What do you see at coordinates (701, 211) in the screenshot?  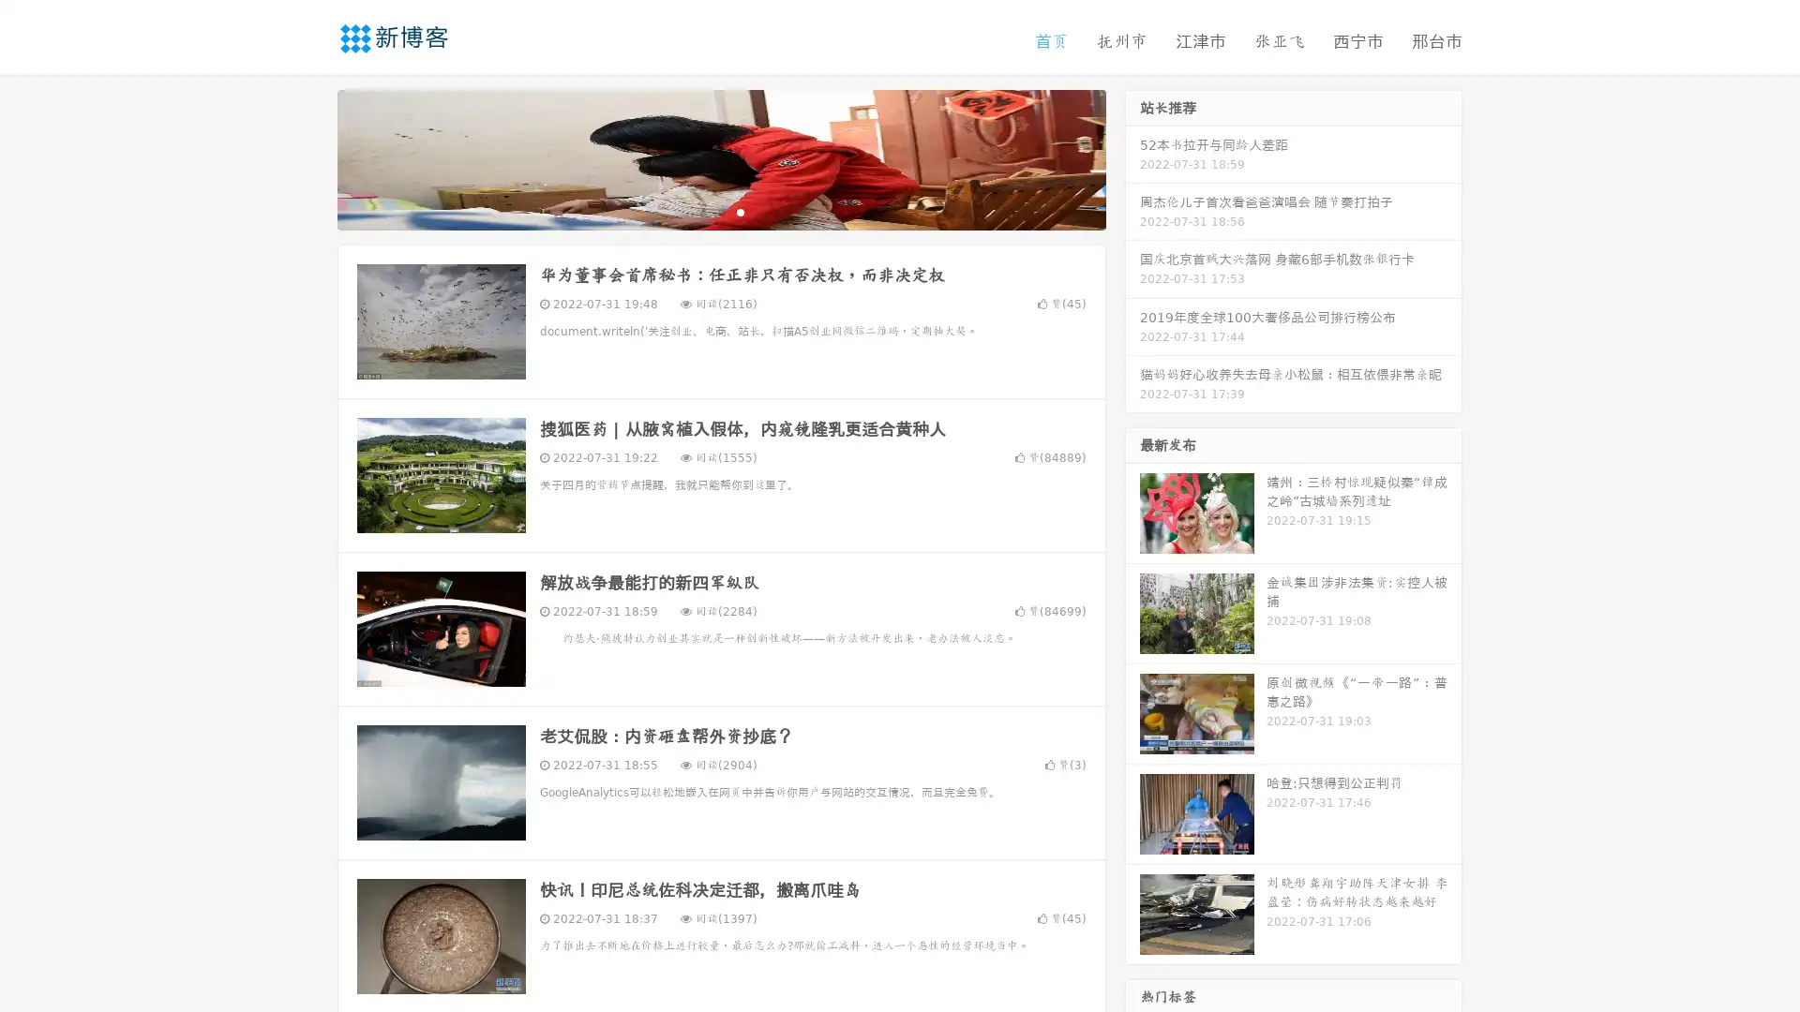 I see `Go to slide 1` at bounding box center [701, 211].